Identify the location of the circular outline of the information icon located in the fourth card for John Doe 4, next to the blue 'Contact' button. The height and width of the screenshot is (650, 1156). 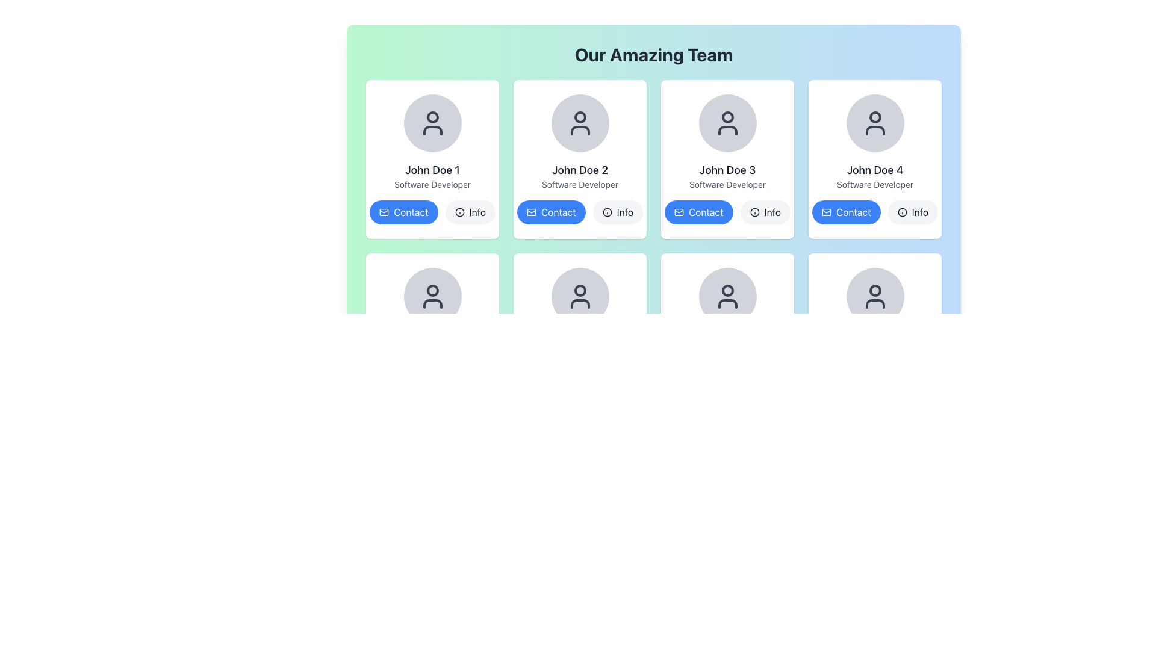
(902, 212).